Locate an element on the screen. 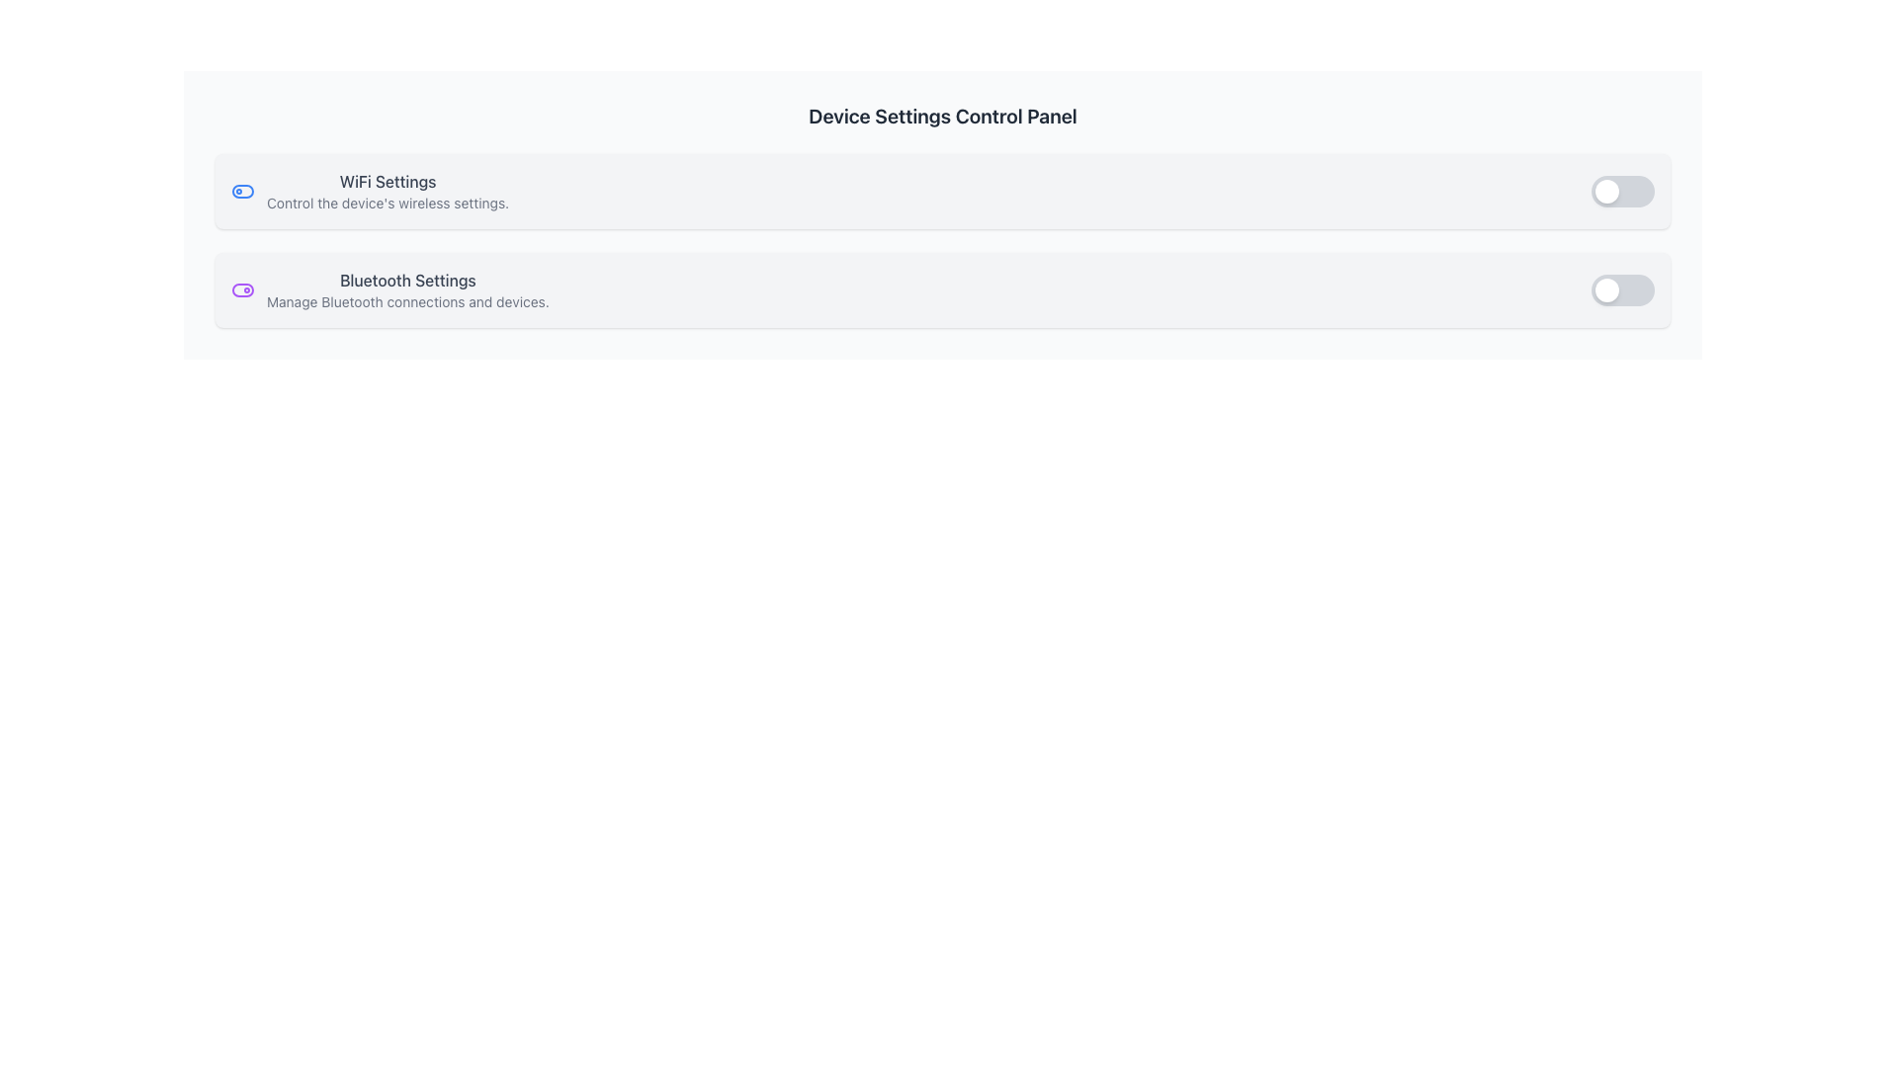  the Informational card titled 'Bluetooth Settings' in the settings menu, which includes a purple Bluetooth icon and a subtitle describing device management is located at coordinates (389, 289).